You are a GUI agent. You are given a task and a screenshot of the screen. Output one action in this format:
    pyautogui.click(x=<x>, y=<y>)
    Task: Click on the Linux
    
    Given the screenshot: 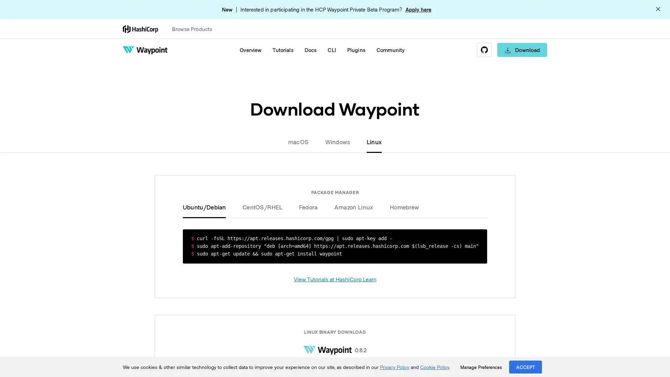 What is the action you would take?
    pyautogui.click(x=370, y=141)
    